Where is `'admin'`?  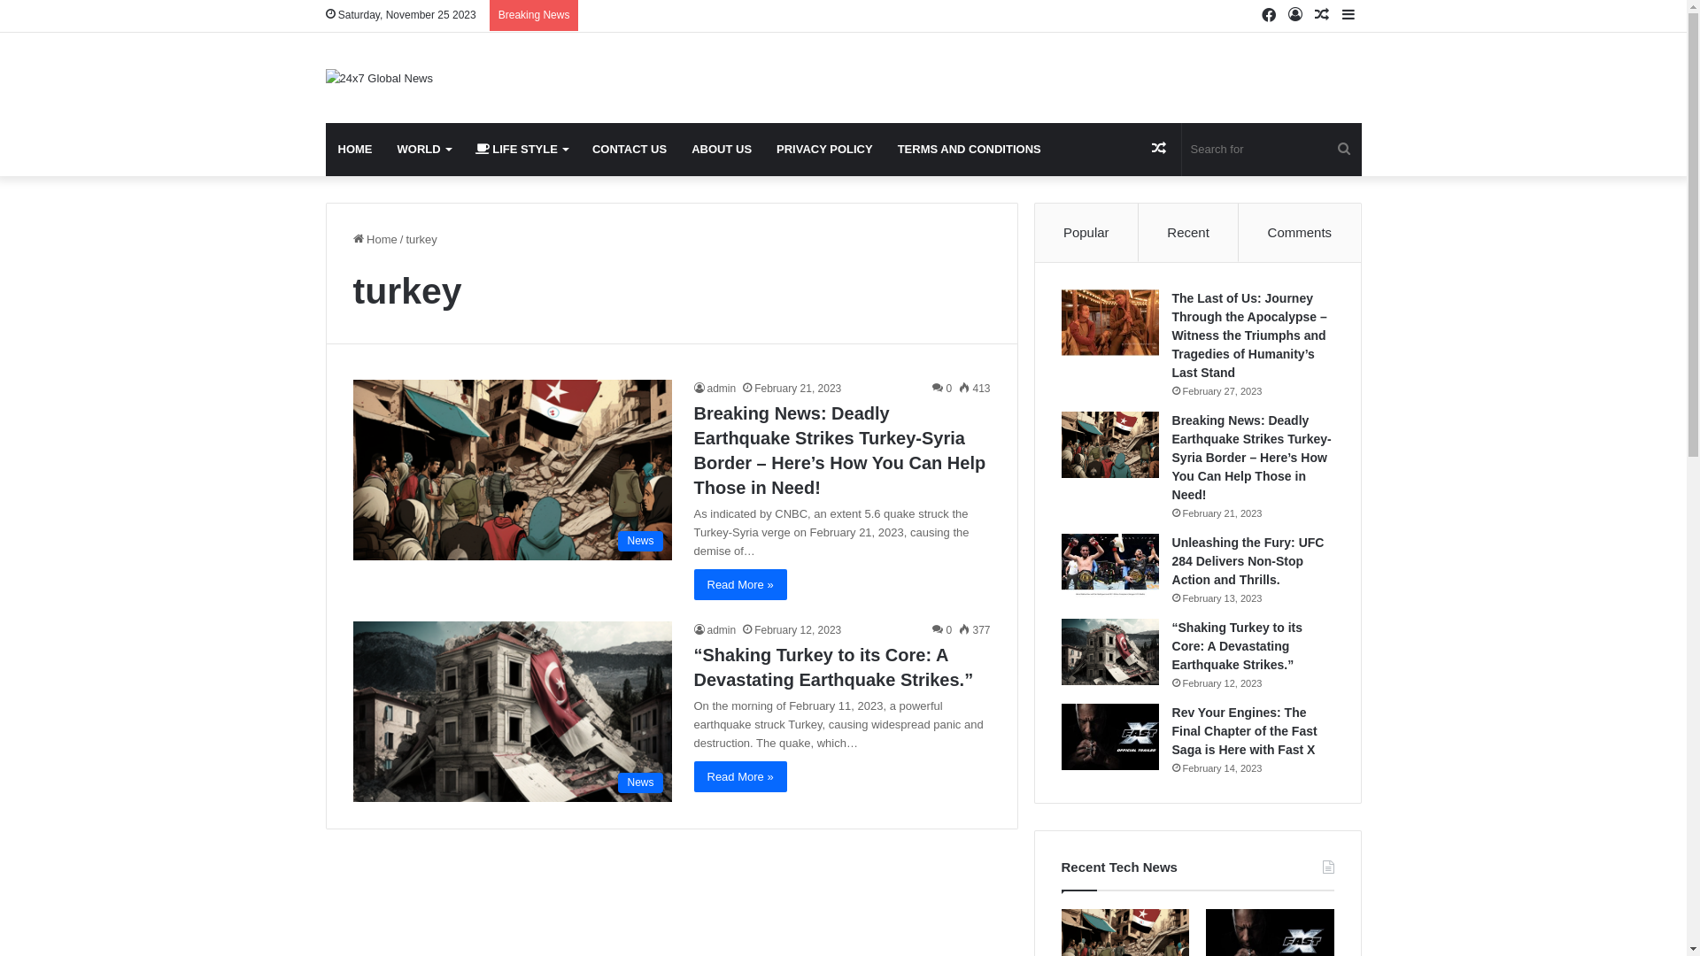
'admin' is located at coordinates (715, 388).